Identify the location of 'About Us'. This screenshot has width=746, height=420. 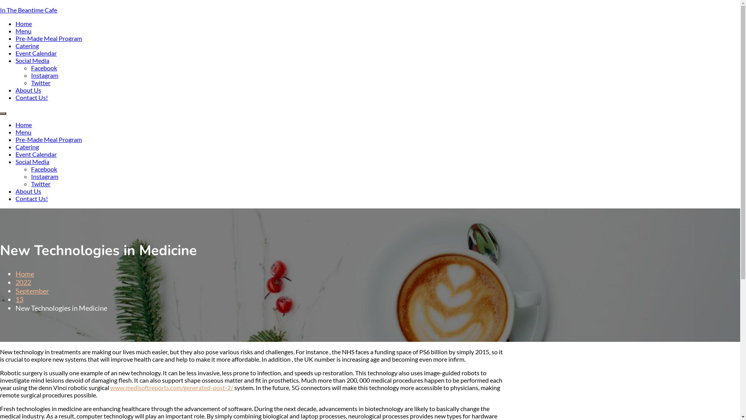
(28, 89).